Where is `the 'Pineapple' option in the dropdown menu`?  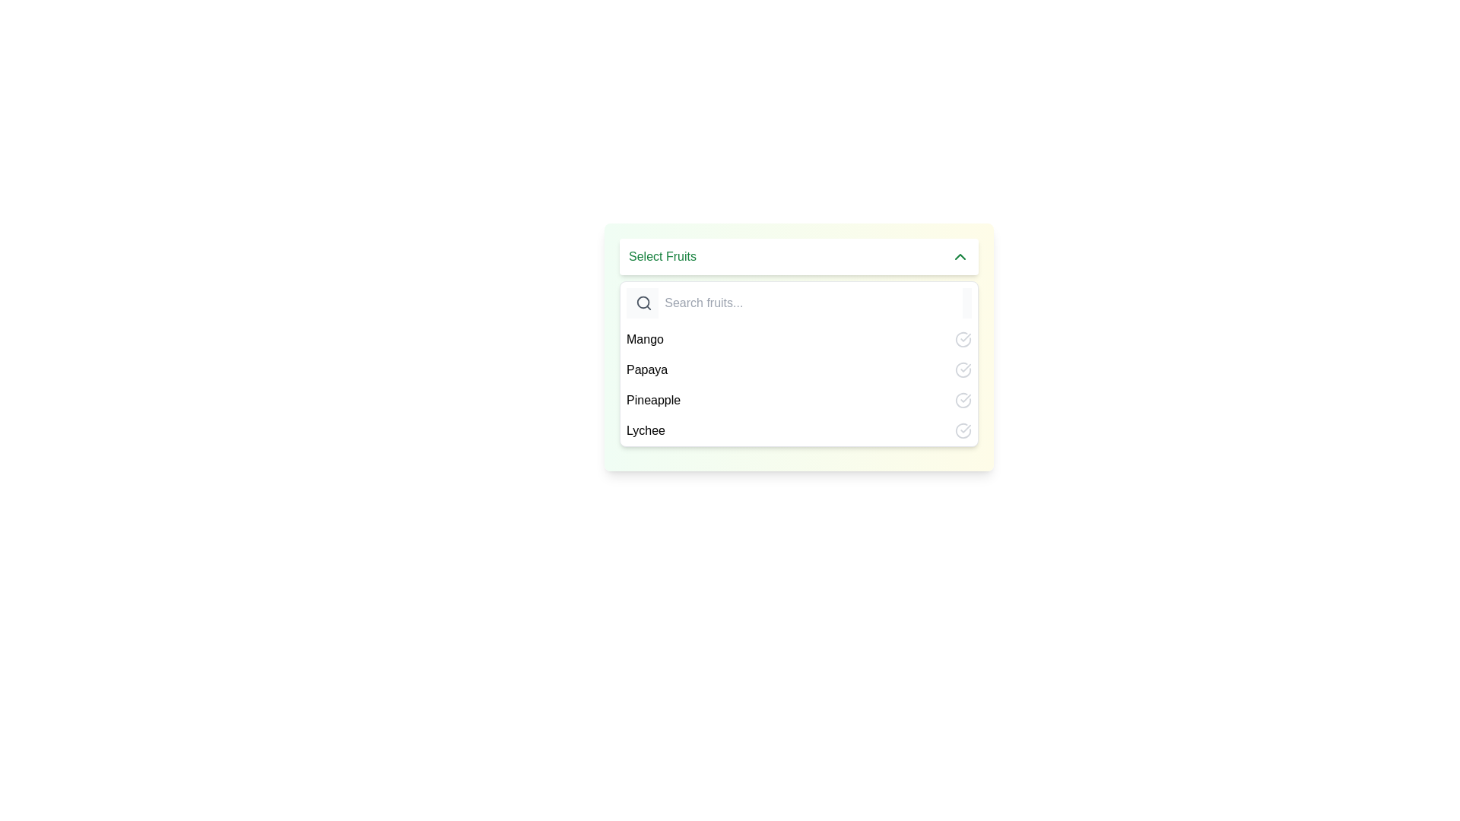
the 'Pineapple' option in the dropdown menu is located at coordinates (653, 400).